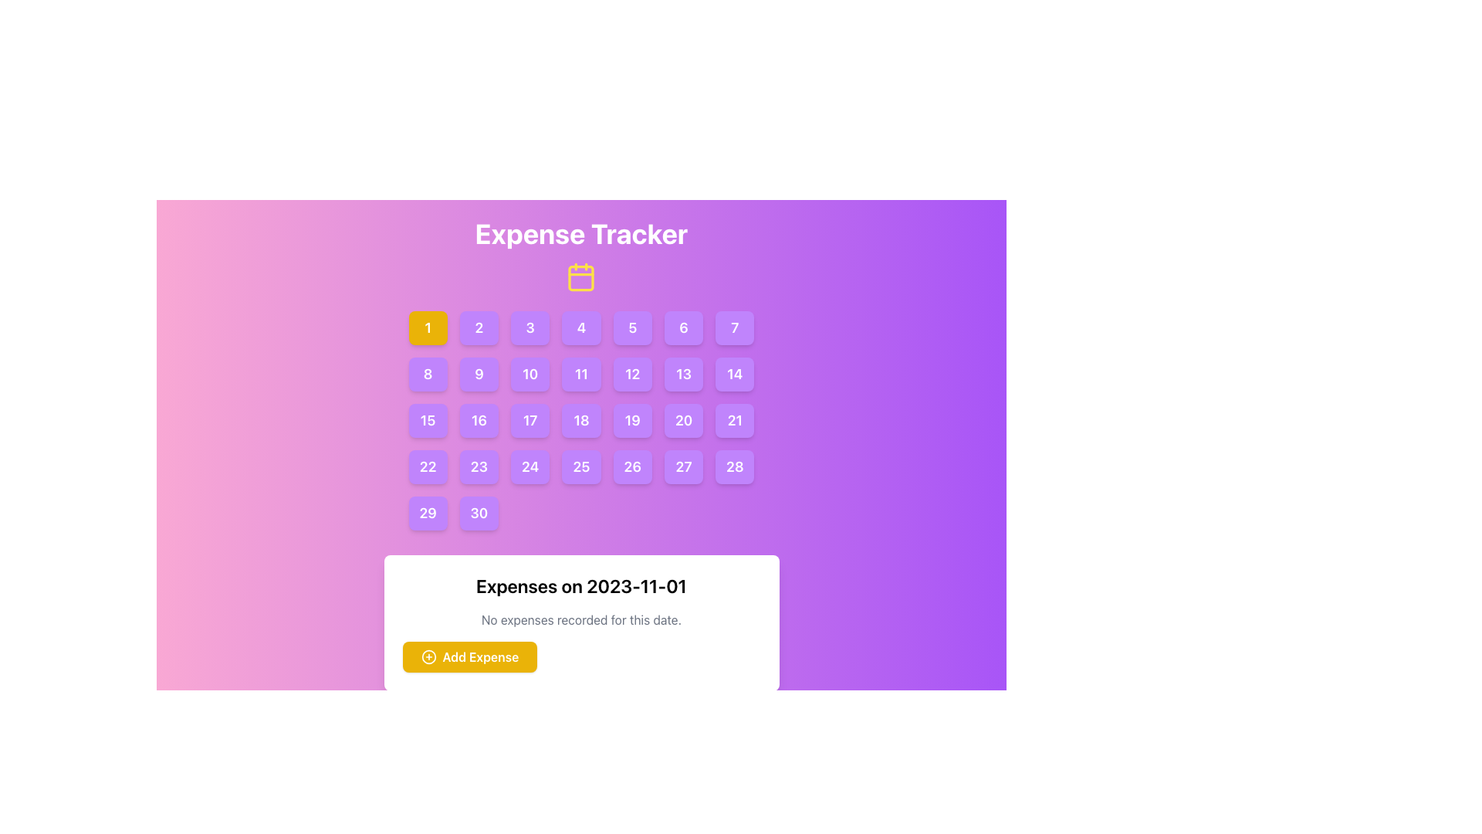 The image size is (1482, 834). Describe the element at coordinates (734, 375) in the screenshot. I see `the button labeled '14', which is a rounded rectangular button with a purple background that turns yellow on hover and white text, to invoke its associated action programmatically` at that location.